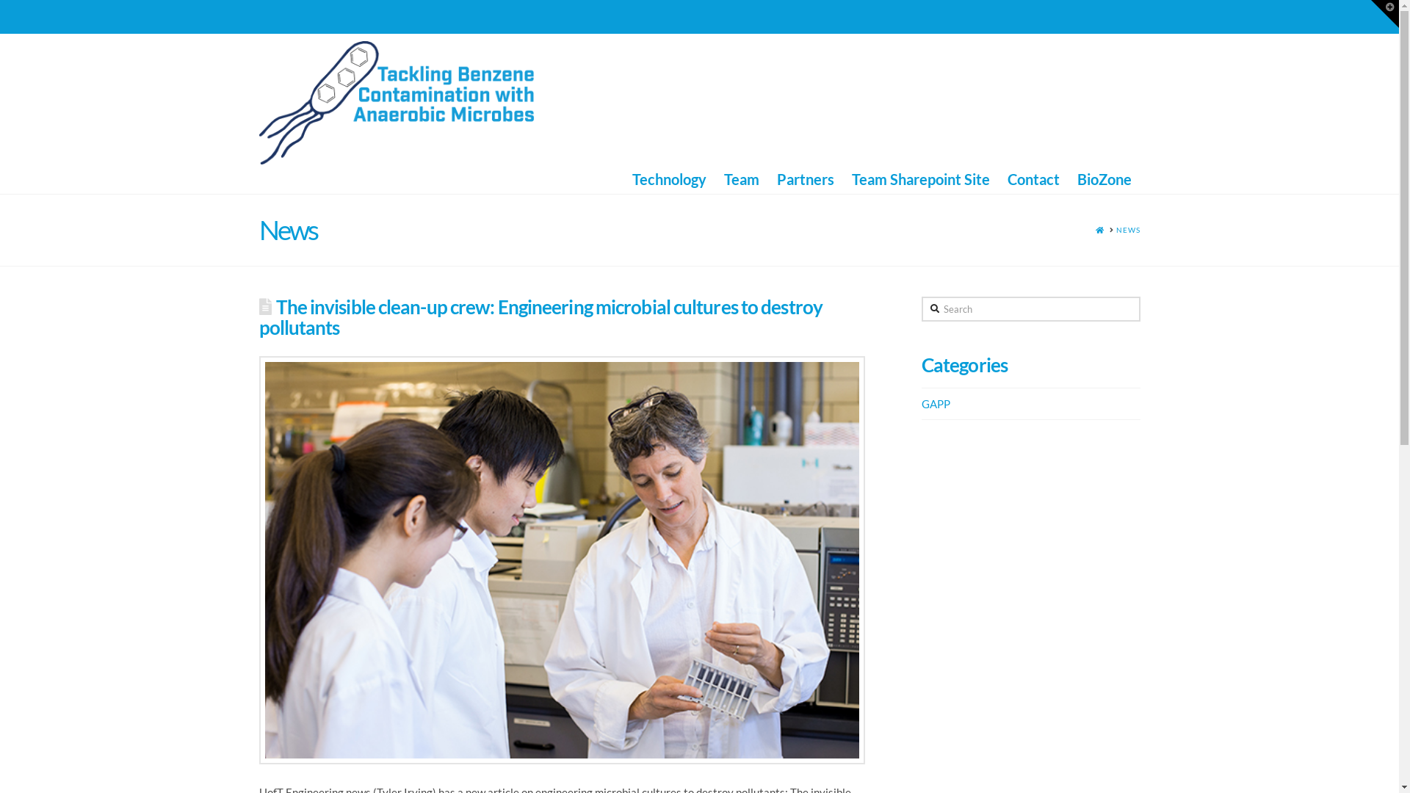 This screenshot has height=793, width=1410. I want to click on 'Partners', so click(805, 178).